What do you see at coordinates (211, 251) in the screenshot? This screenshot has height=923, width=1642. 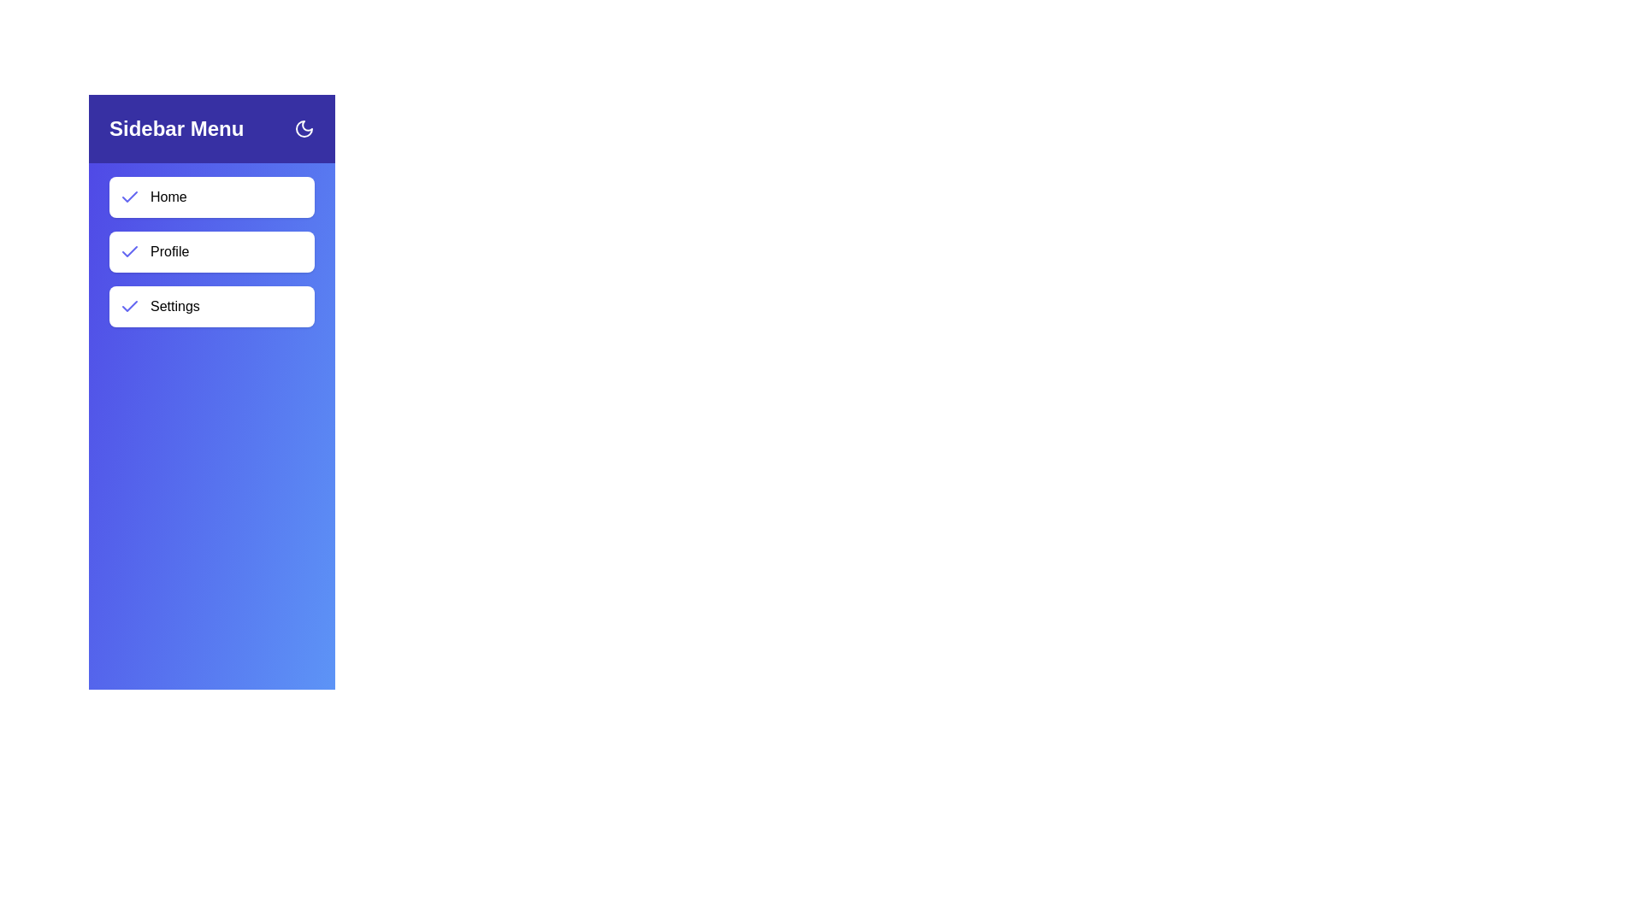 I see `the menu item labeled Profile to observe visual feedback` at bounding box center [211, 251].